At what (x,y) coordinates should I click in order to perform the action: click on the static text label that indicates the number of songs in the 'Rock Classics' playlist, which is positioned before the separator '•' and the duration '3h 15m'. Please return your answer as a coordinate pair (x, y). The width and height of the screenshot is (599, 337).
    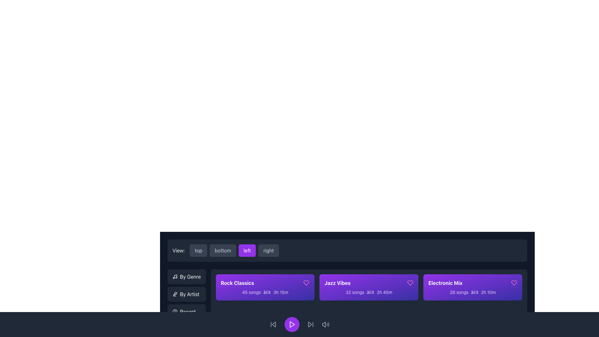
    Looking at the image, I should click on (251, 292).